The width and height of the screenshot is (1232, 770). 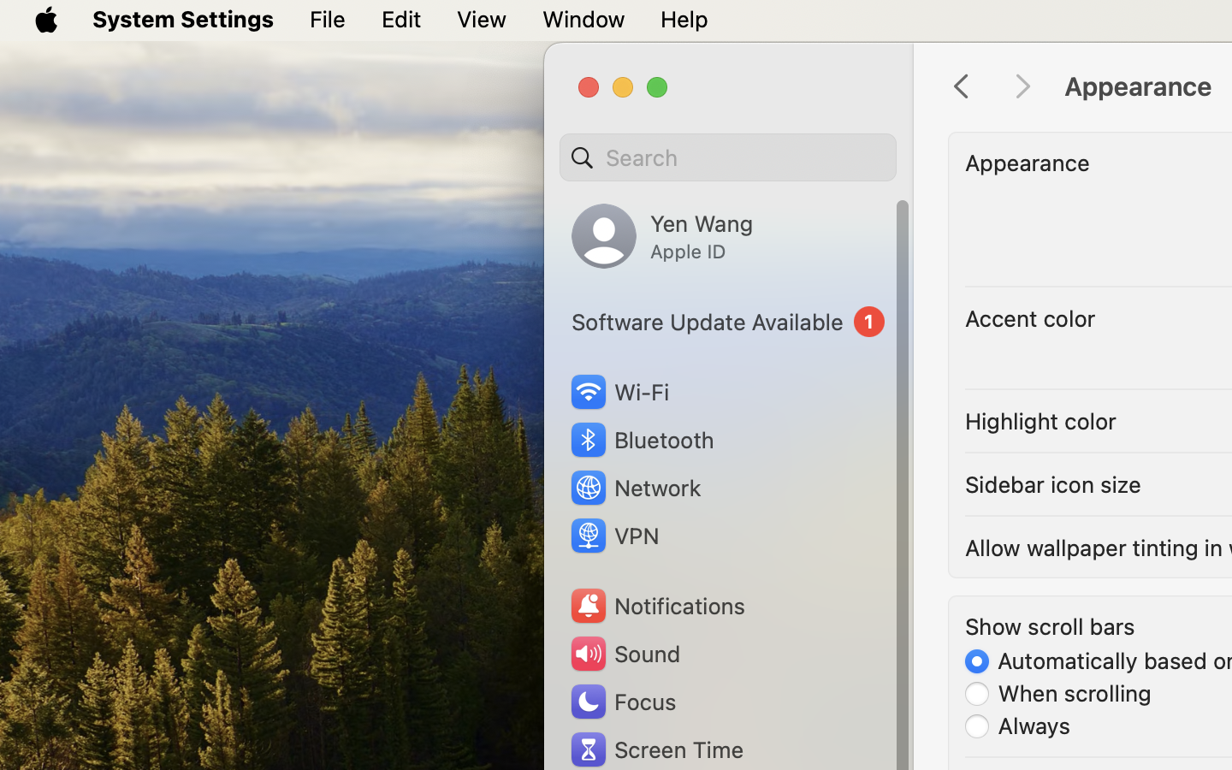 What do you see at coordinates (640, 438) in the screenshot?
I see `'Bluetooth'` at bounding box center [640, 438].